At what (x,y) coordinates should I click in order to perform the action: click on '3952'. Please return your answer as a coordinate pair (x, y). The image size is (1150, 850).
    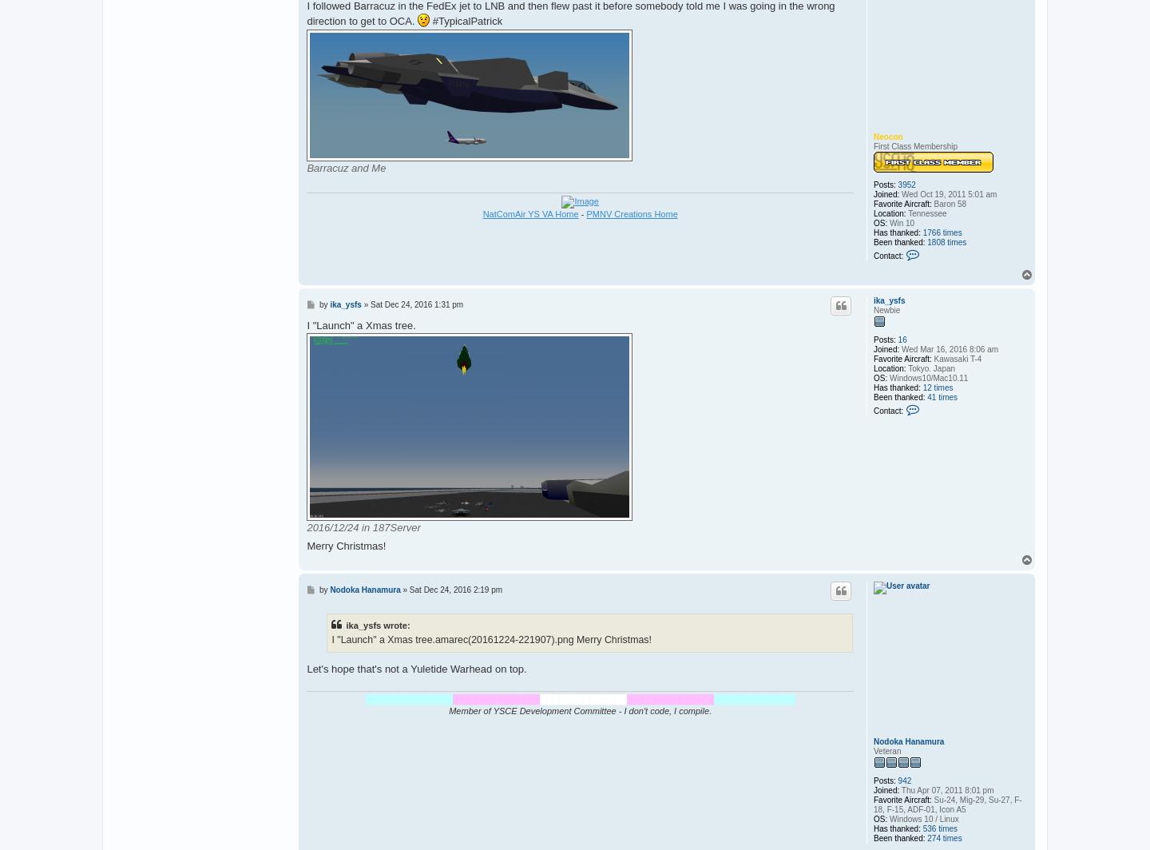
    Looking at the image, I should click on (906, 185).